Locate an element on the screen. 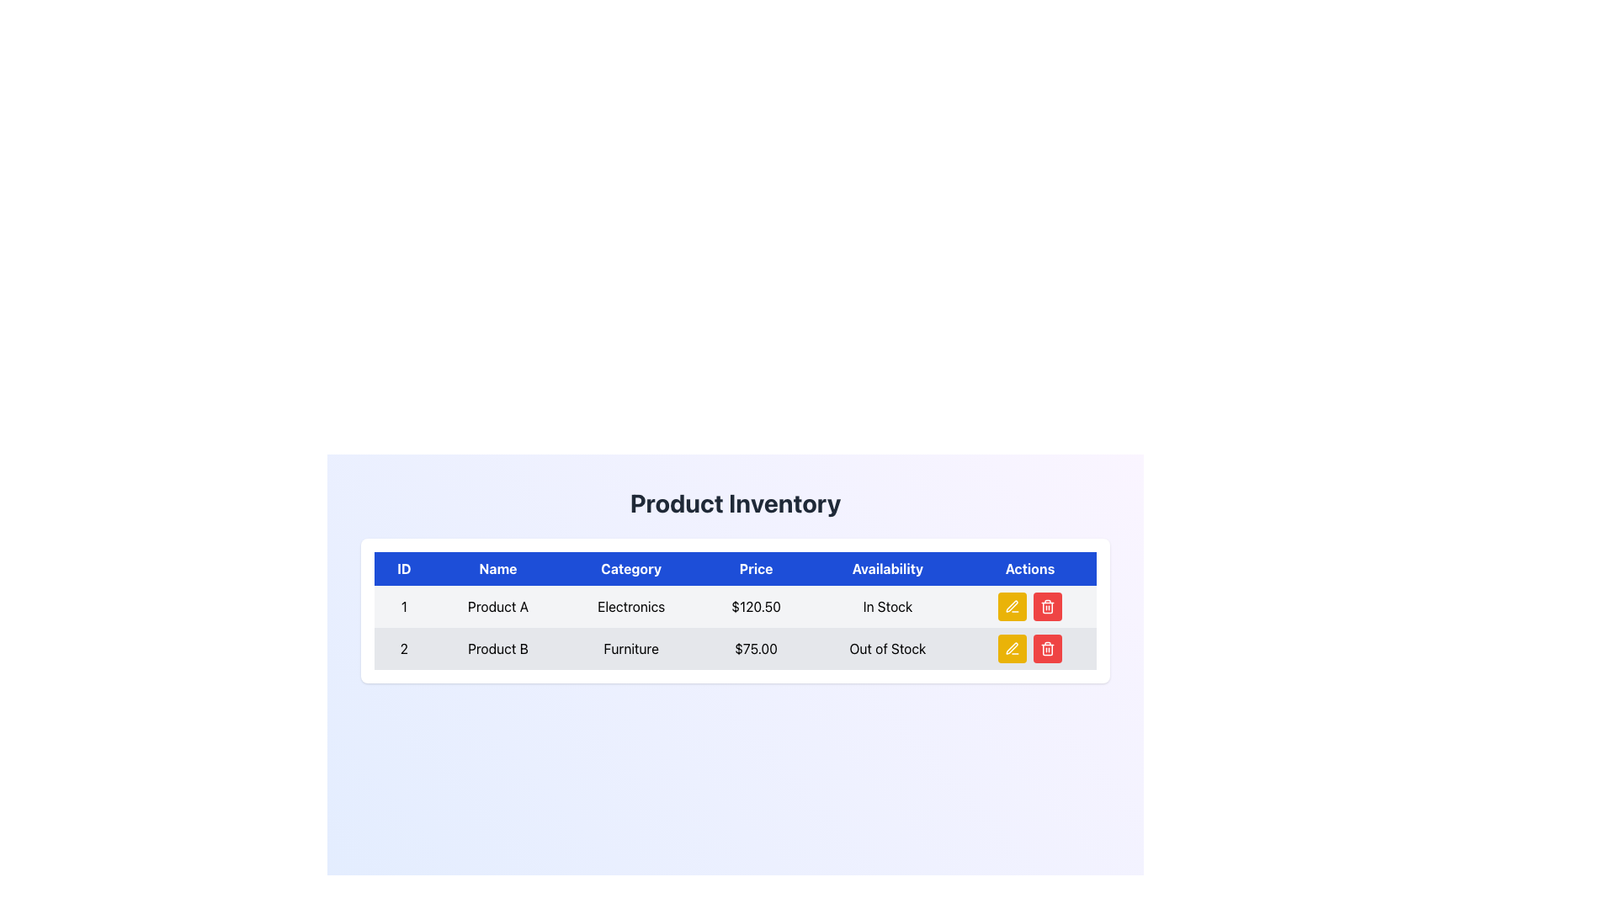 This screenshot has width=1616, height=909. the 'Availability' header label in the table, which is the fifth cell in the header row, located between 'Price' and 'Actions' is located at coordinates (886, 568).